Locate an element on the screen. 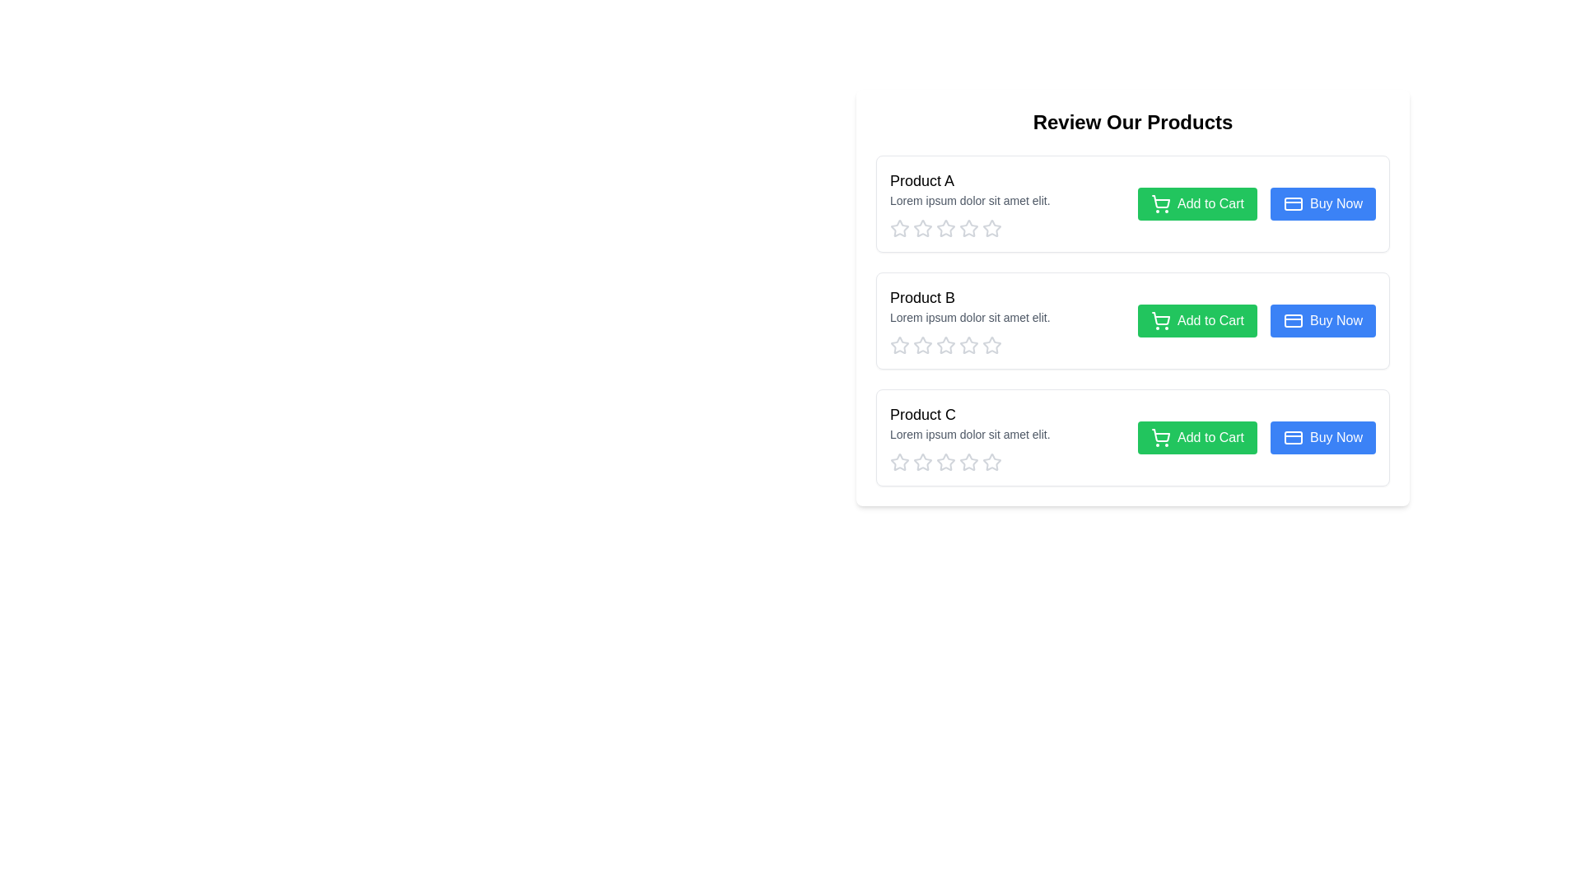  the green rectangular 'Add to Cart' button with rounded corners that features a shopping cart icon and white text, located in the first row of the product list is located at coordinates (1197, 202).